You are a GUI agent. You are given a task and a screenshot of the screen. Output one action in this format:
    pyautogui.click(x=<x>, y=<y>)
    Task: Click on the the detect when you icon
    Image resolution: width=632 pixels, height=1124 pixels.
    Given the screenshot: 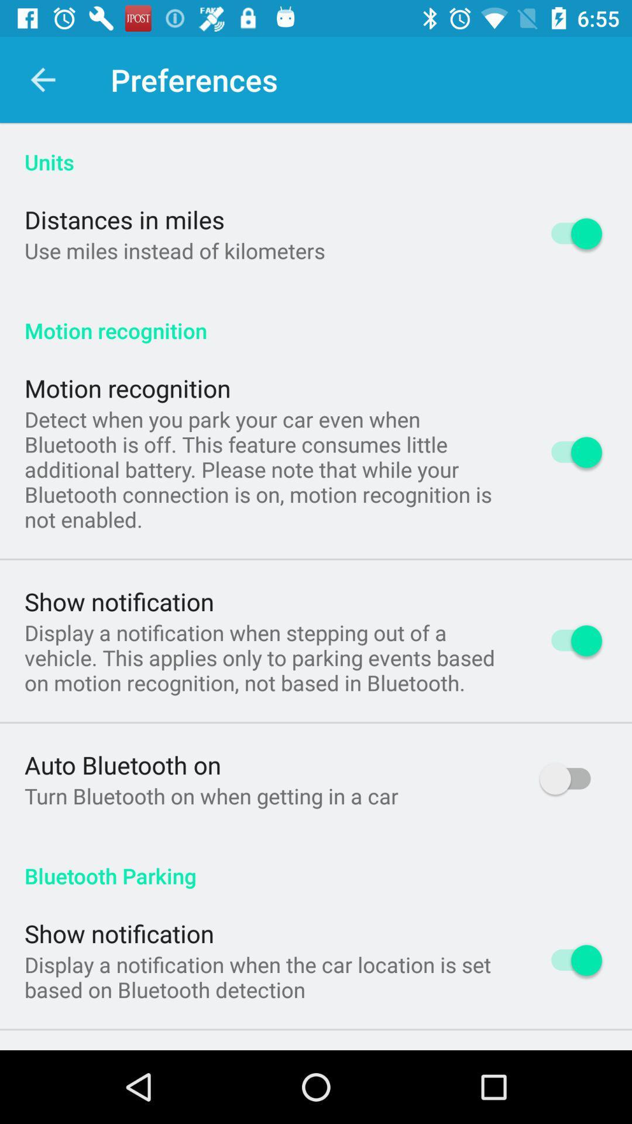 What is the action you would take?
    pyautogui.click(x=267, y=469)
    